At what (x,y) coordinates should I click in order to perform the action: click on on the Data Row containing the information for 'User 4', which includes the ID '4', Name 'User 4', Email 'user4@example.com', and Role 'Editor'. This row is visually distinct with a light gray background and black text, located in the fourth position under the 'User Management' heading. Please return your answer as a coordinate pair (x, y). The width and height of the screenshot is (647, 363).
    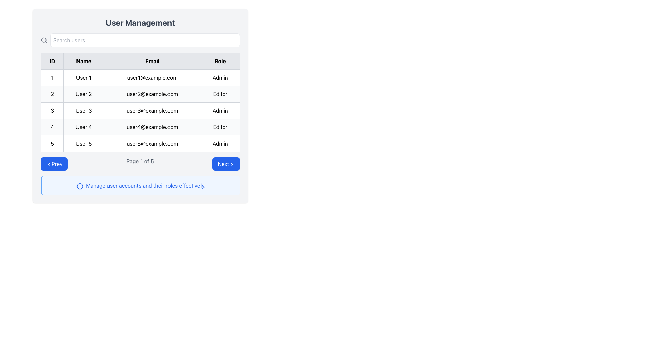
    Looking at the image, I should click on (140, 127).